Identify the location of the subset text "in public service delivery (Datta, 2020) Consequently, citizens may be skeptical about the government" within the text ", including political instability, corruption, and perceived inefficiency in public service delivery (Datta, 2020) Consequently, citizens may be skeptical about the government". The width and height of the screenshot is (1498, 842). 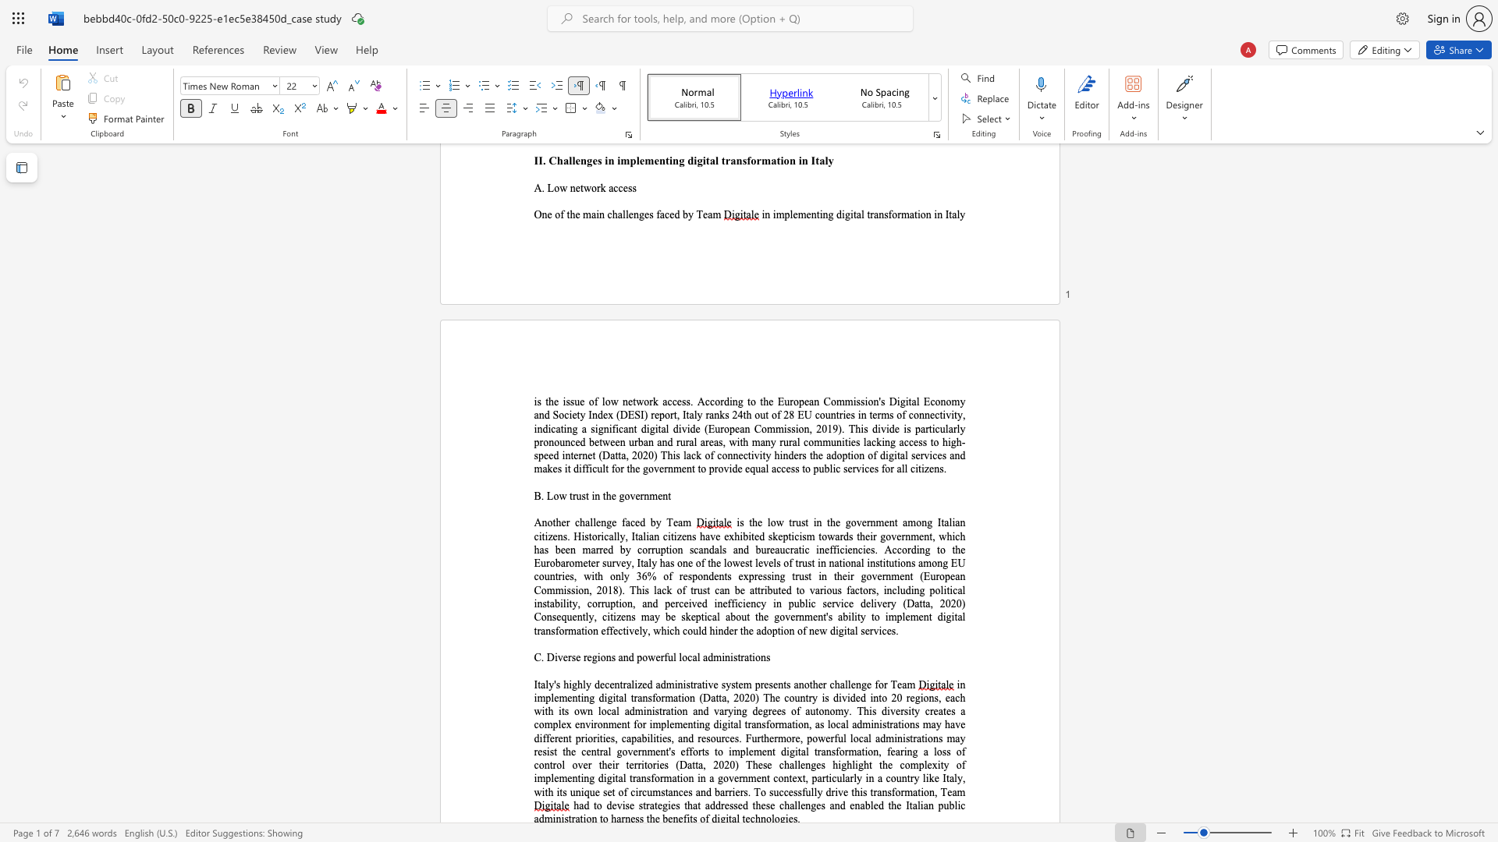
(773, 603).